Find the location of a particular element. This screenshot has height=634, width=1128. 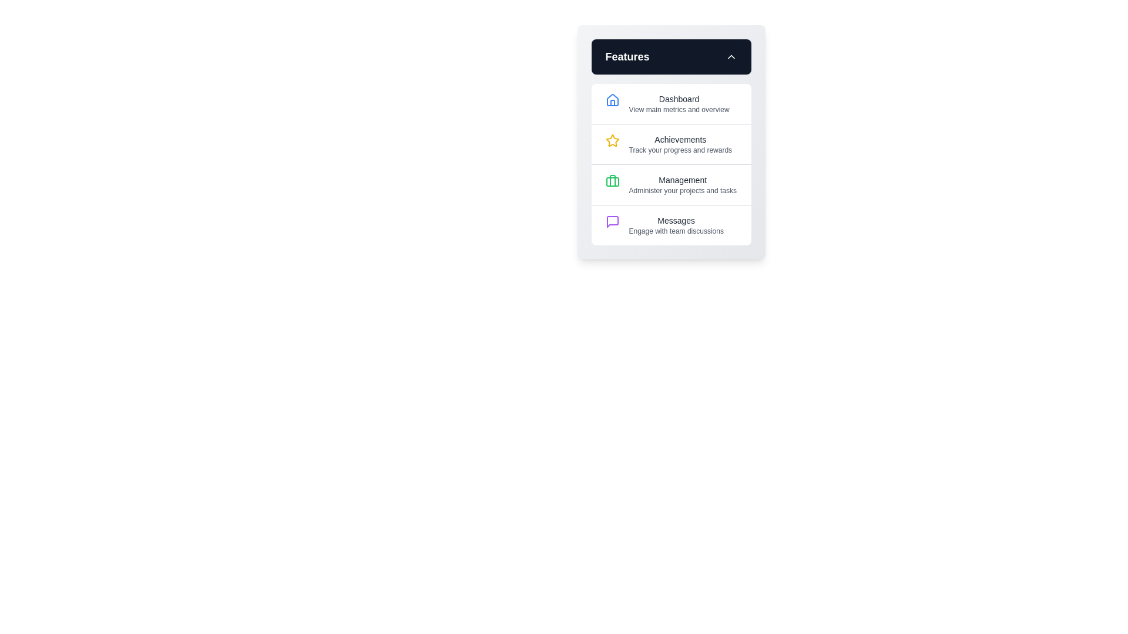

the green briefcase icon of the 'Management' clickable list item is located at coordinates (671, 184).